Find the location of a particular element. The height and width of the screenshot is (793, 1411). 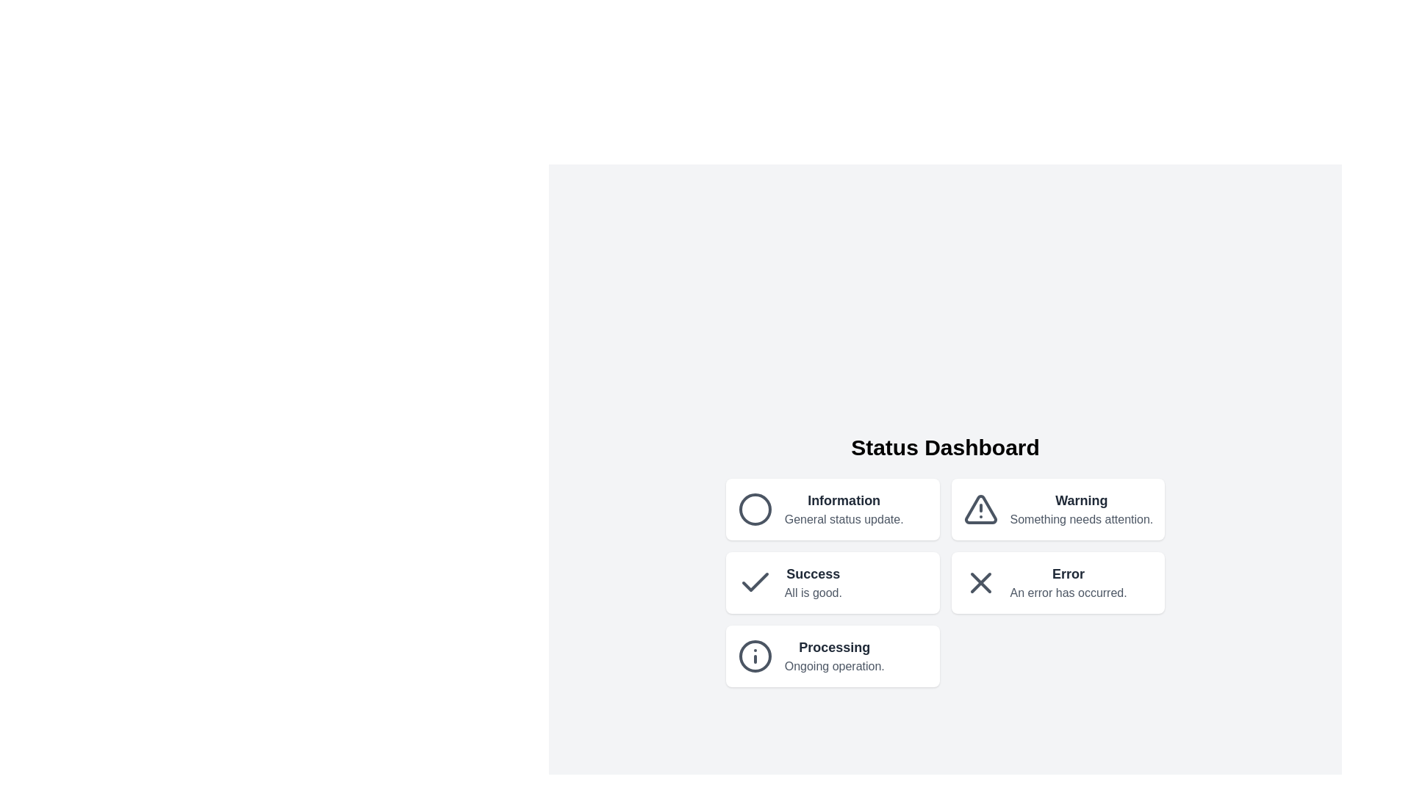

the text label that reads 'All is good.' within the 'Success' card in the dashboard is located at coordinates (812, 592).